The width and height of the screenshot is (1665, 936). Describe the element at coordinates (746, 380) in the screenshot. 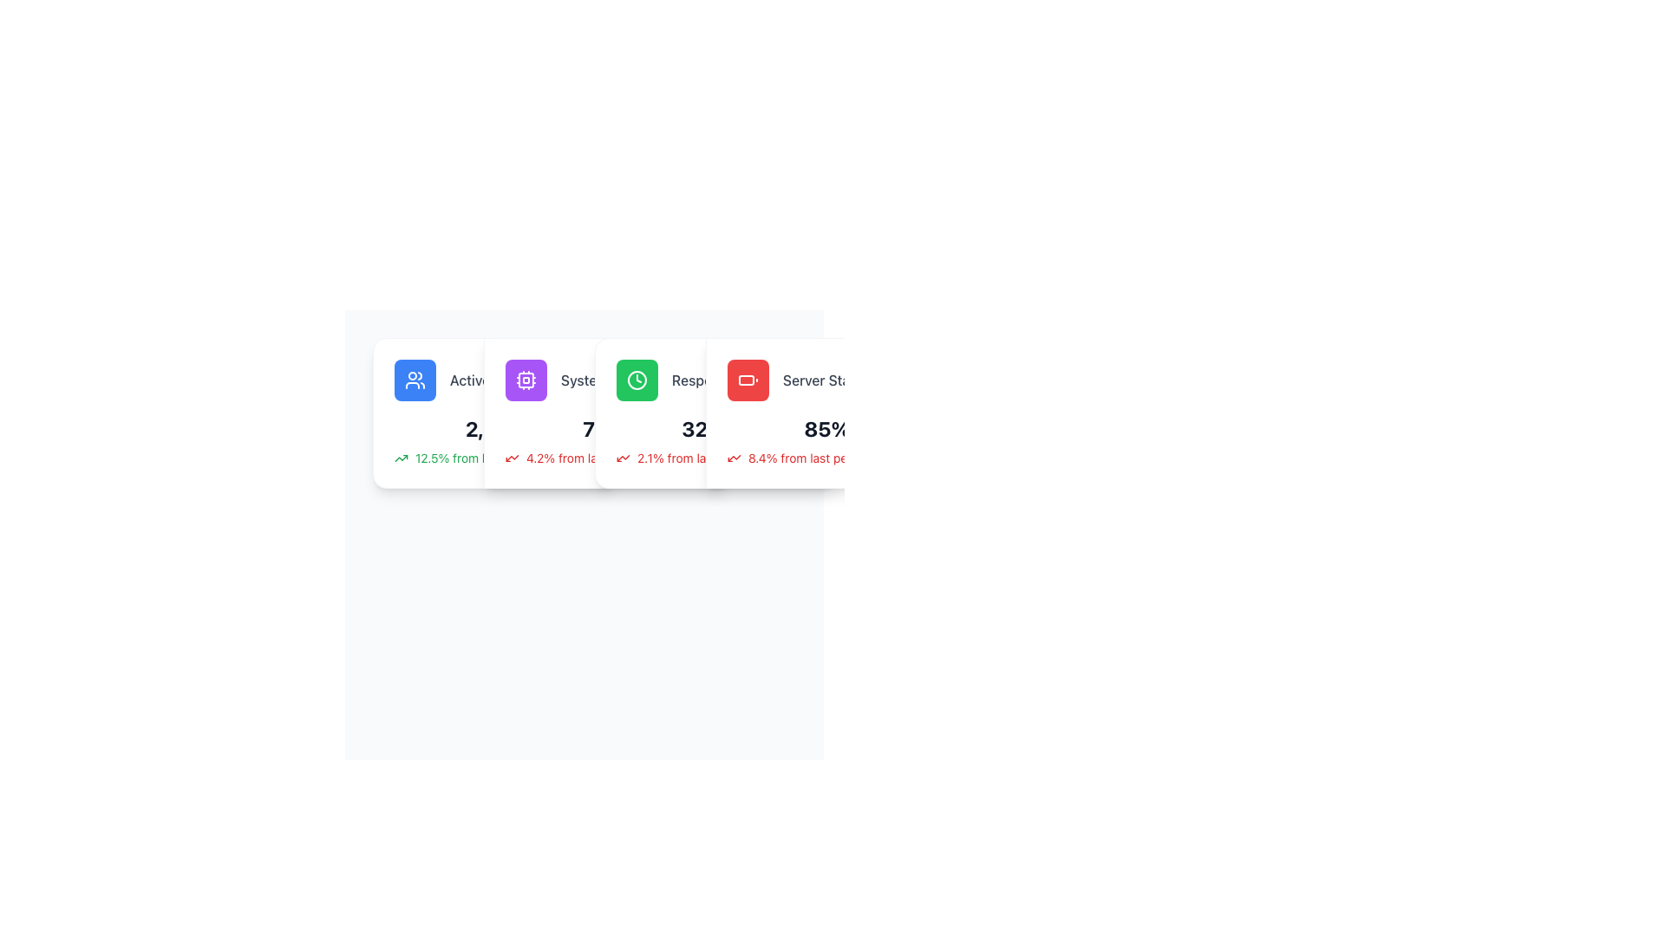

I see `the SVG rectangle representing the battery component within the icon by moving the cursor to its center point` at that location.